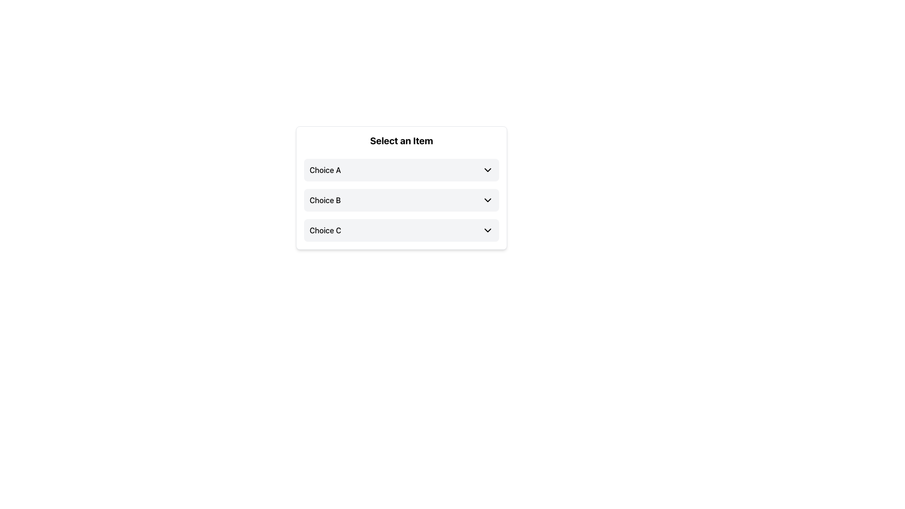  Describe the element at coordinates (401, 230) in the screenshot. I see `the dropdown chevron icon of the 'Choice C' menu item to reveal additional options` at that location.